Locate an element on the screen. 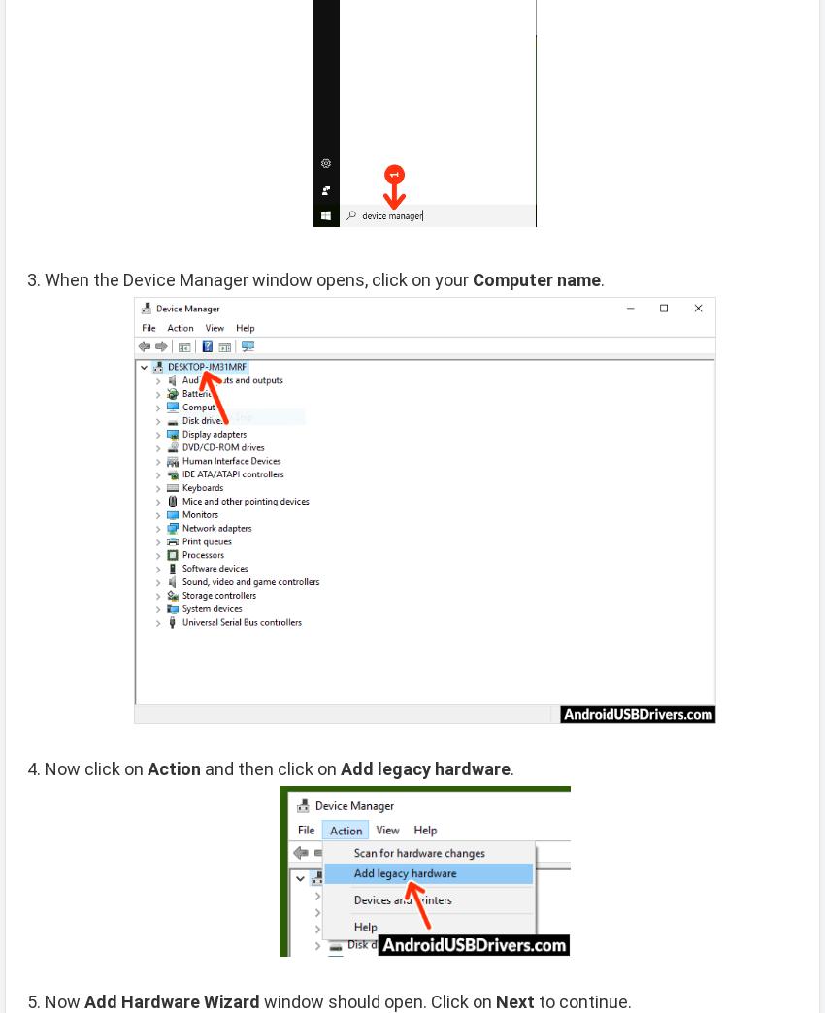 The image size is (825, 1013). 'Next' is located at coordinates (513, 1000).